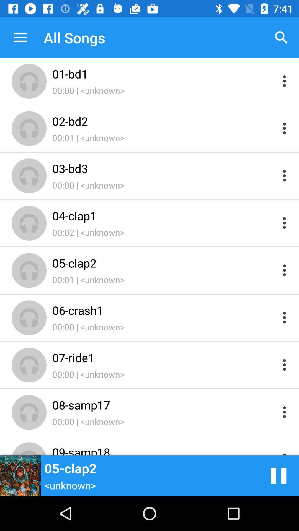 Image resolution: width=299 pixels, height=531 pixels. Describe the element at coordinates (284, 81) in the screenshot. I see `more options` at that location.